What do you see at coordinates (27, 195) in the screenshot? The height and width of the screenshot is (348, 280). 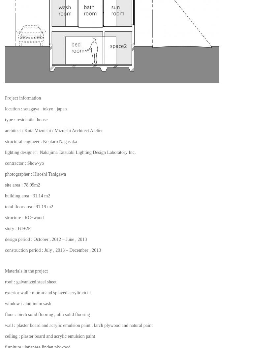 I see `'building area : 31.14 m2'` at bounding box center [27, 195].